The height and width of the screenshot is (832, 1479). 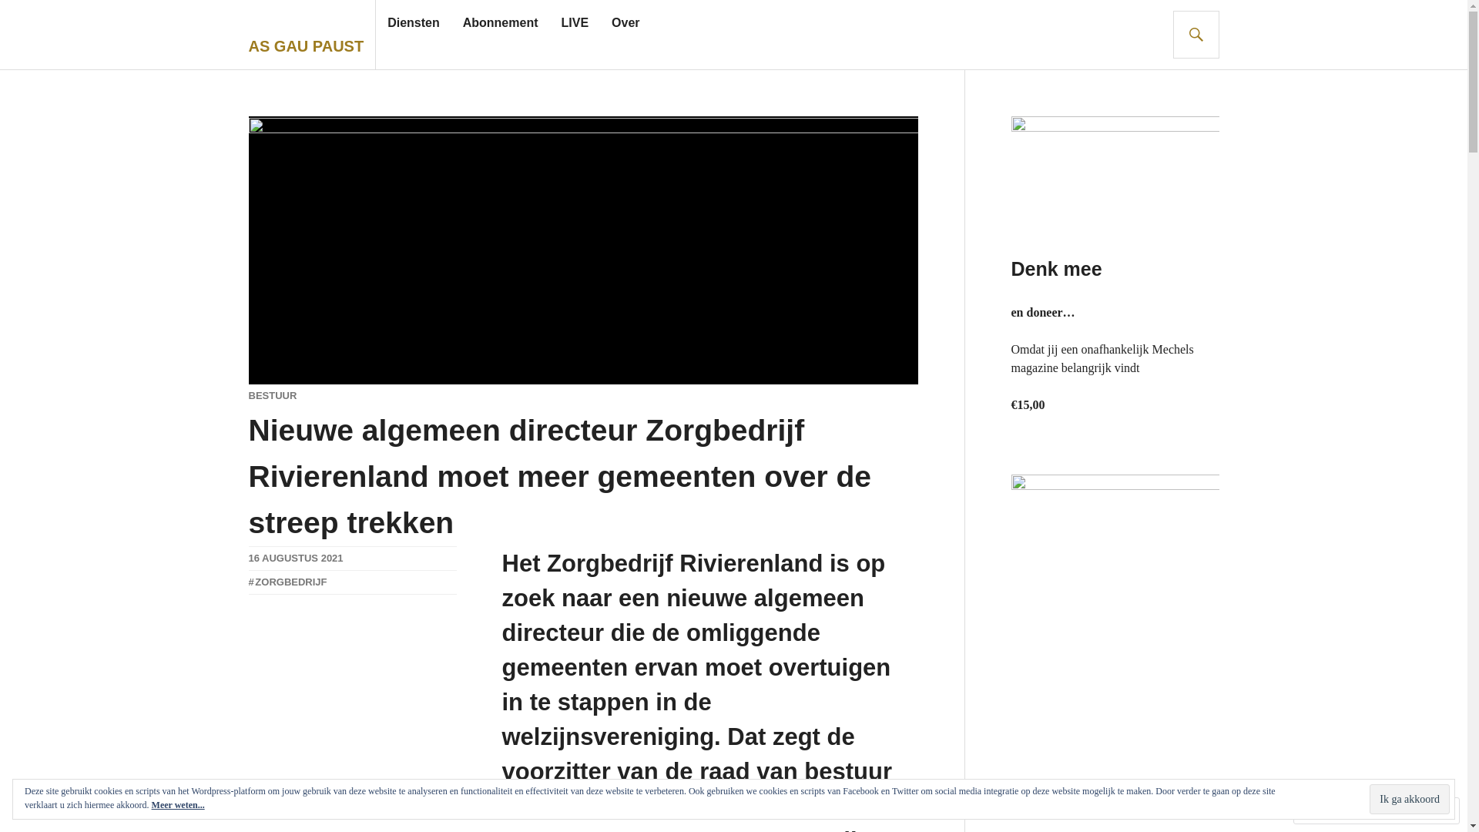 I want to click on 'BESTUUR', so click(x=272, y=394).